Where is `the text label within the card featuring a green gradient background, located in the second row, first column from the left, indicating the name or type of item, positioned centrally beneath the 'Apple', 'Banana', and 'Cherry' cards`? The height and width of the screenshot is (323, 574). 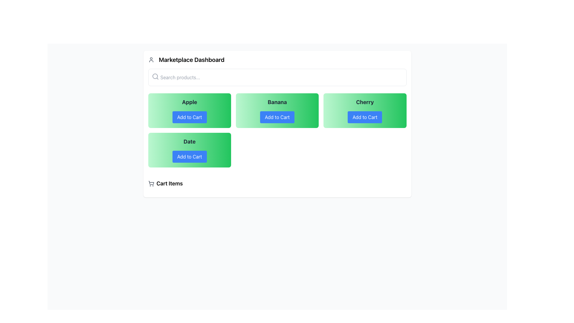
the text label within the card featuring a green gradient background, located in the second row, first column from the left, indicating the name or type of item, positioned centrally beneath the 'Apple', 'Banana', and 'Cherry' cards is located at coordinates (189, 142).